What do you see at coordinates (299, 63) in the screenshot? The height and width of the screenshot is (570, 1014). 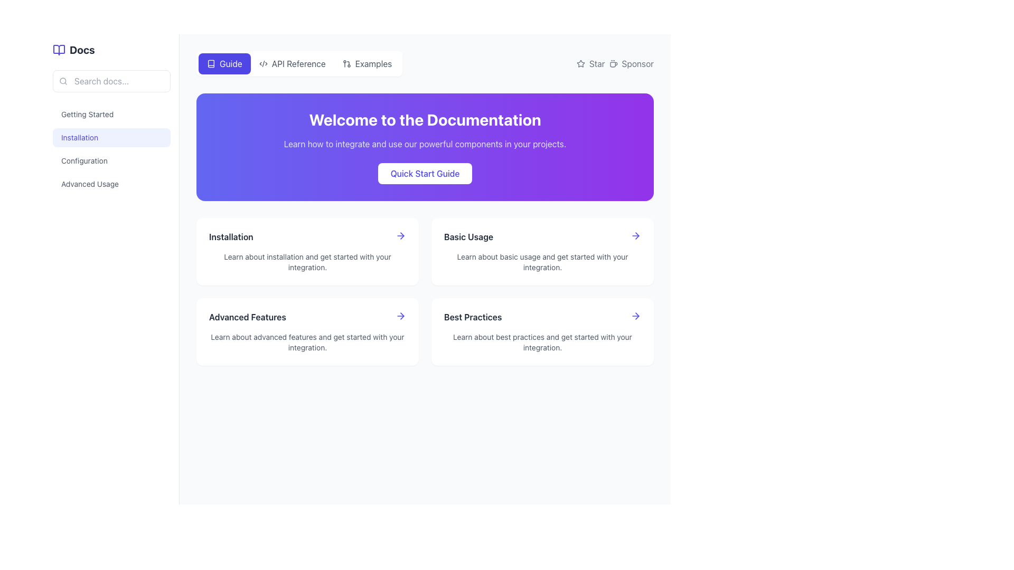 I see `the Navigation bar located in the upper central part of the interface` at bounding box center [299, 63].